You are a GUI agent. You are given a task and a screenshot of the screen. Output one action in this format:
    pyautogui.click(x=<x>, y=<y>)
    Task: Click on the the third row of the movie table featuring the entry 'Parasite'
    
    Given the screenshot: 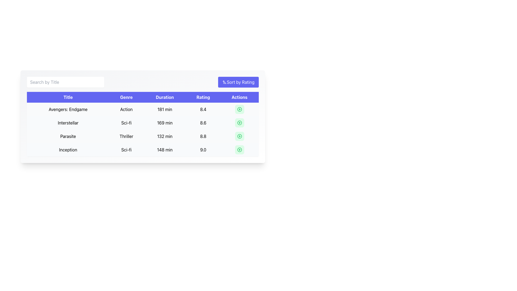 What is the action you would take?
    pyautogui.click(x=143, y=136)
    